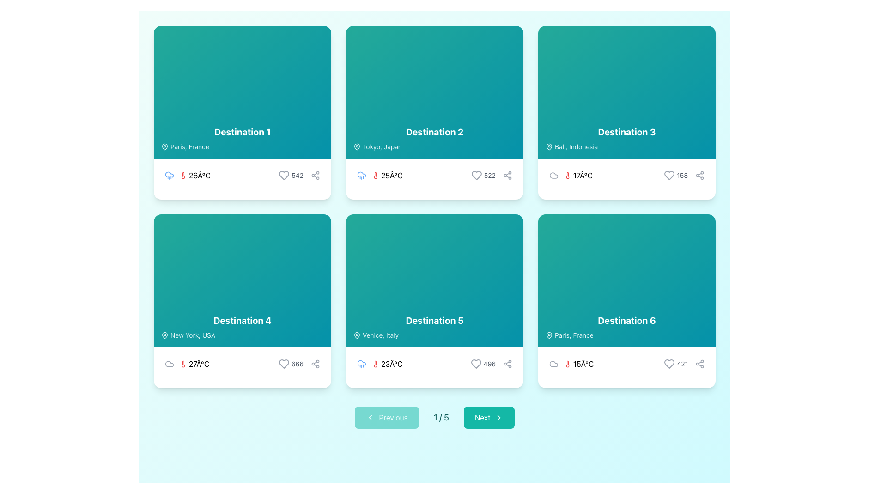 The height and width of the screenshot is (499, 887). Describe the element at coordinates (491, 363) in the screenshot. I see `the static text displaying the number of likes located at the bottom-right corner of the 'Destination 5' card, positioned between a heart icon and a share icon` at that location.